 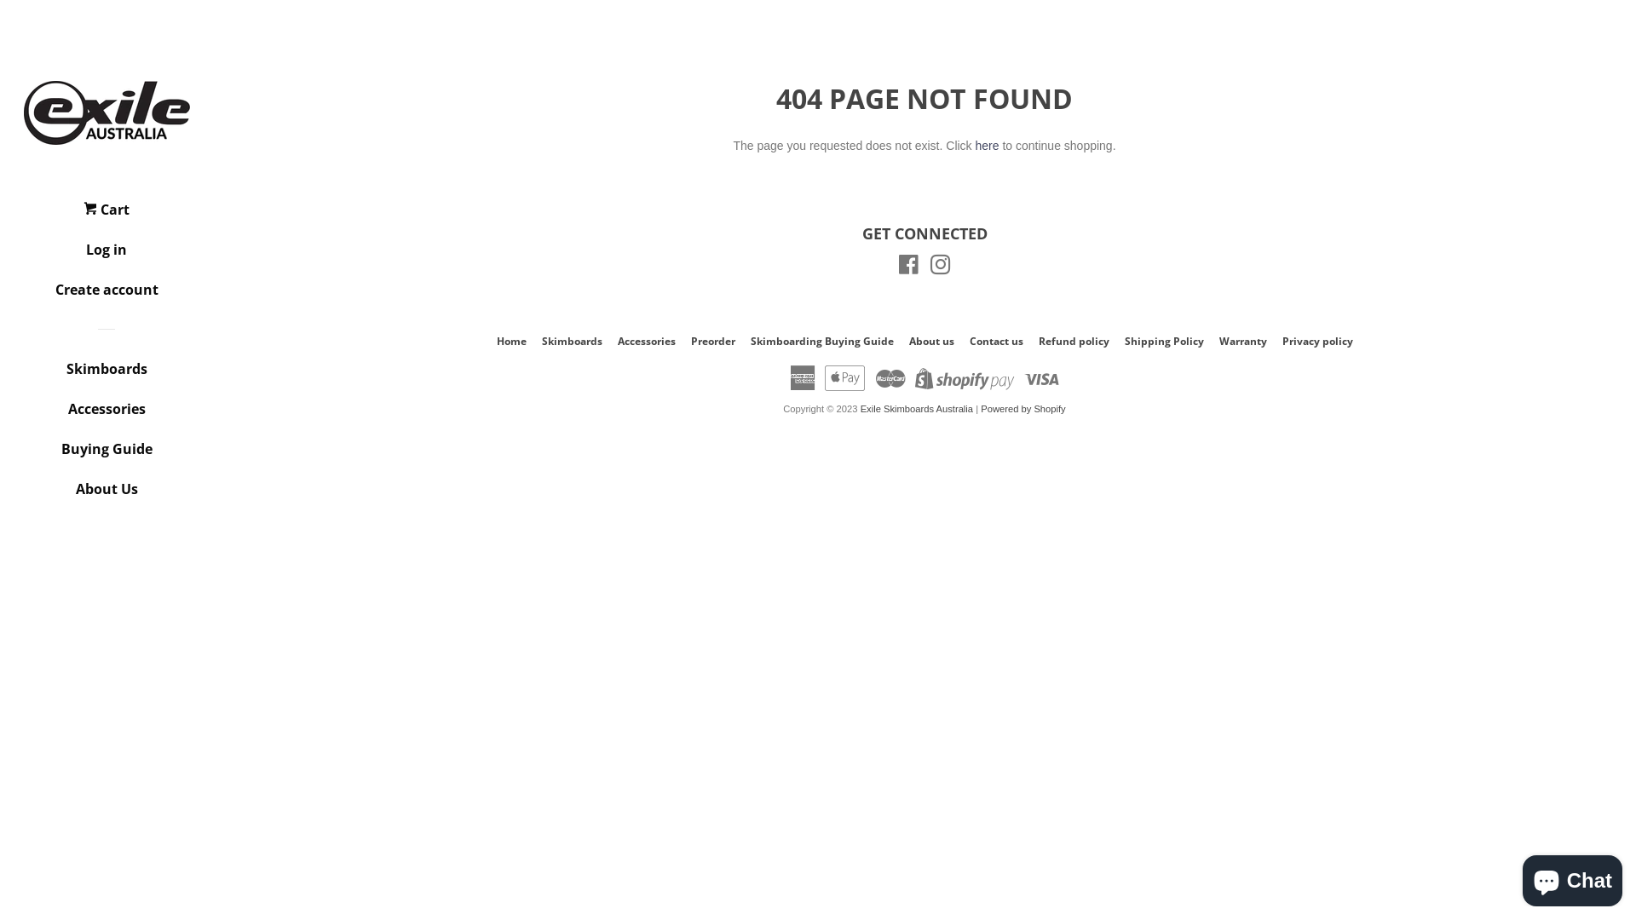 What do you see at coordinates (1037, 341) in the screenshot?
I see `'Refund policy'` at bounding box center [1037, 341].